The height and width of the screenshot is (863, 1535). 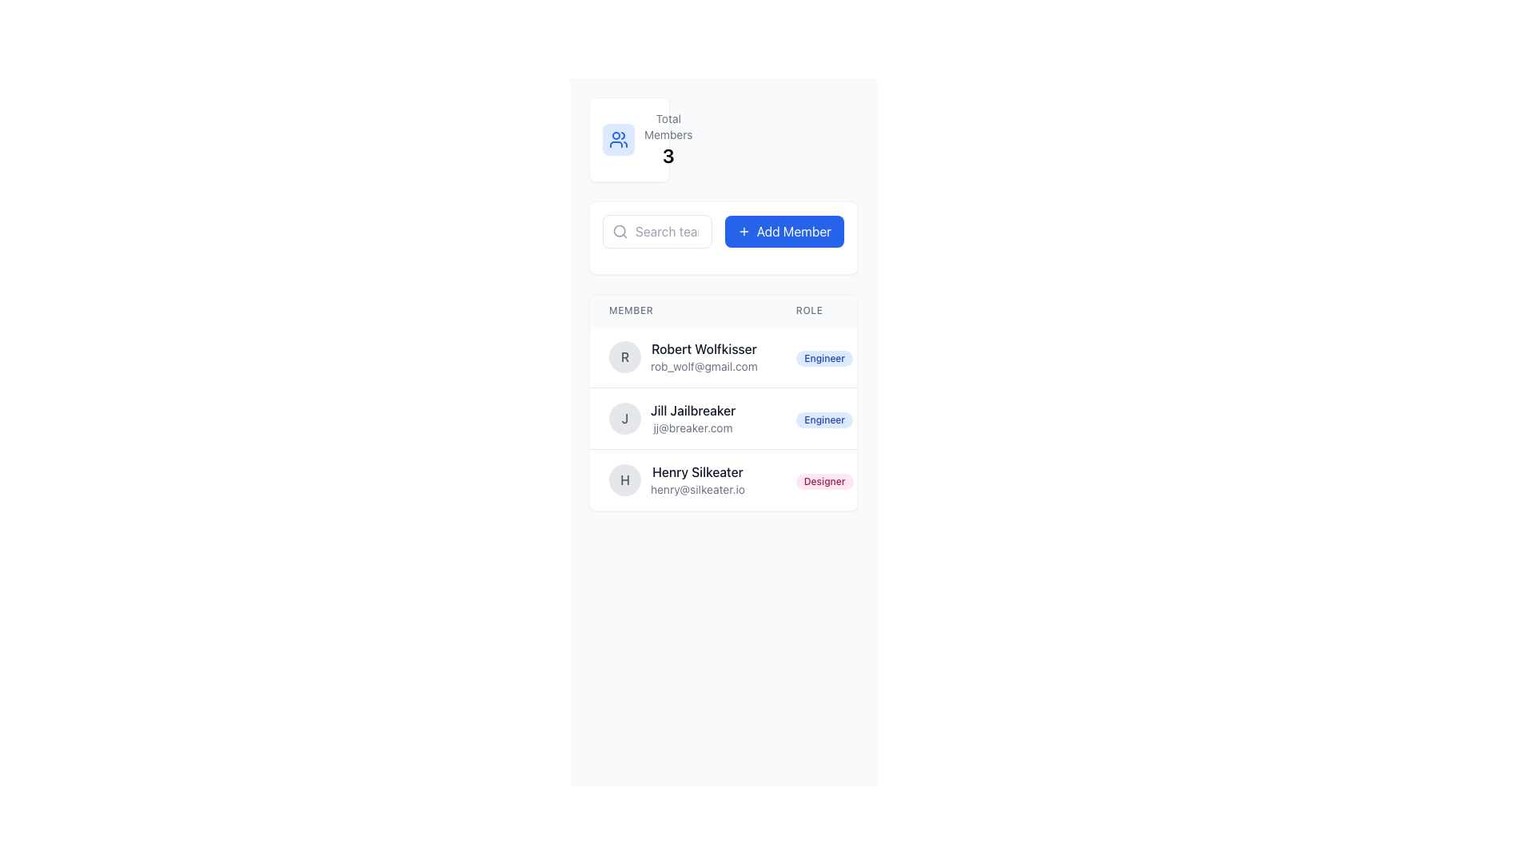 What do you see at coordinates (683, 479) in the screenshot?
I see `to select the Profile Information Row displaying 'Henry Silkeater' and the email 'henry@silkeater.io'` at bounding box center [683, 479].